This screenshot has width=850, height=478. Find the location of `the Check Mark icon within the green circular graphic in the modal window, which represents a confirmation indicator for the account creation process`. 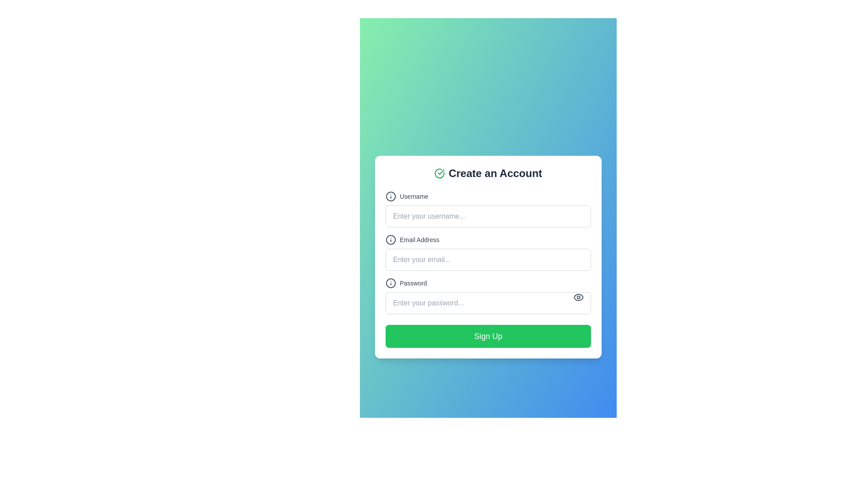

the Check Mark icon within the green circular graphic in the modal window, which represents a confirmation indicator for the account creation process is located at coordinates (441, 172).